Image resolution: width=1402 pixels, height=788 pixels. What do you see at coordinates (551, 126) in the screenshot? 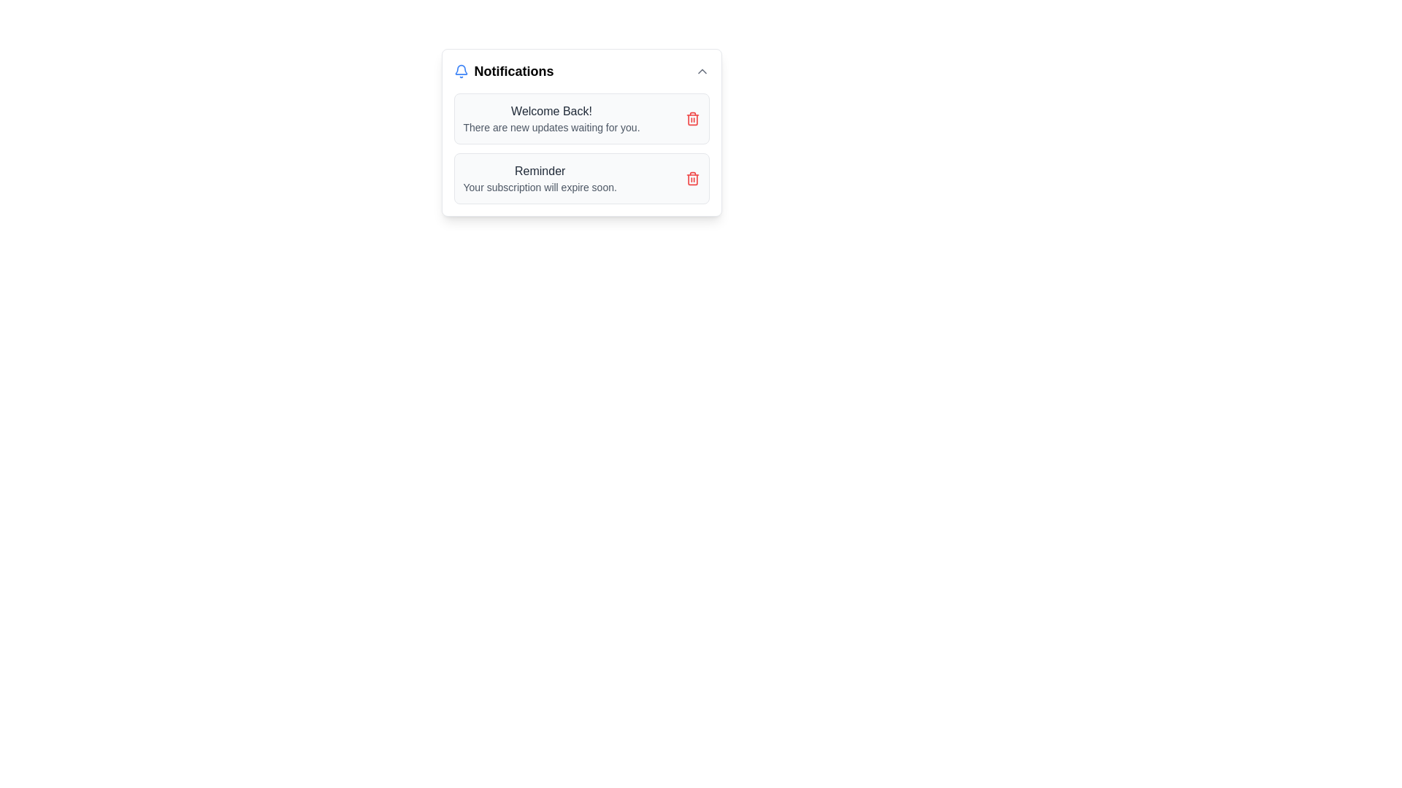
I see `the text snippet displaying the message 'There are new updates waiting for you.' which is positioned within the notification section beneath the greeting text 'Welcome Back!'` at bounding box center [551, 126].